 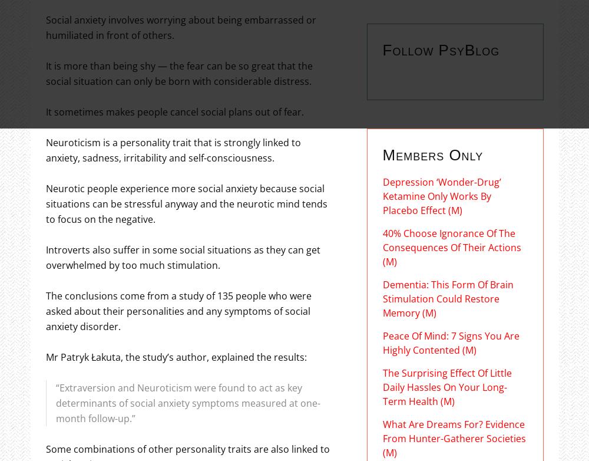 What do you see at coordinates (187, 401) in the screenshot?
I see `'“Extraversion and Neuroticism were found to act as key determinants of social anxiety symptoms measured at one-month follow-up.”'` at bounding box center [187, 401].